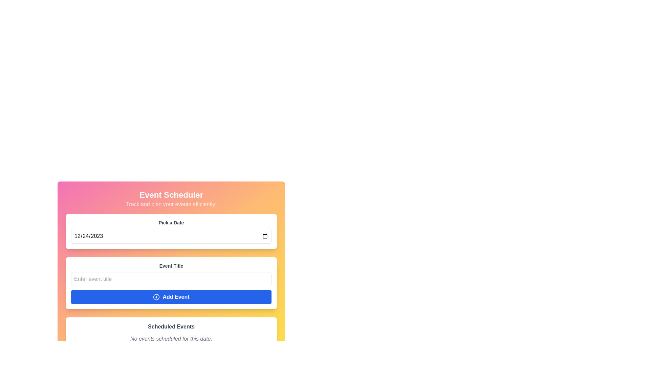  Describe the element at coordinates (156, 297) in the screenshot. I see `the circular icon with a plus sign inside, which is centered within the 'Add Event' button` at that location.